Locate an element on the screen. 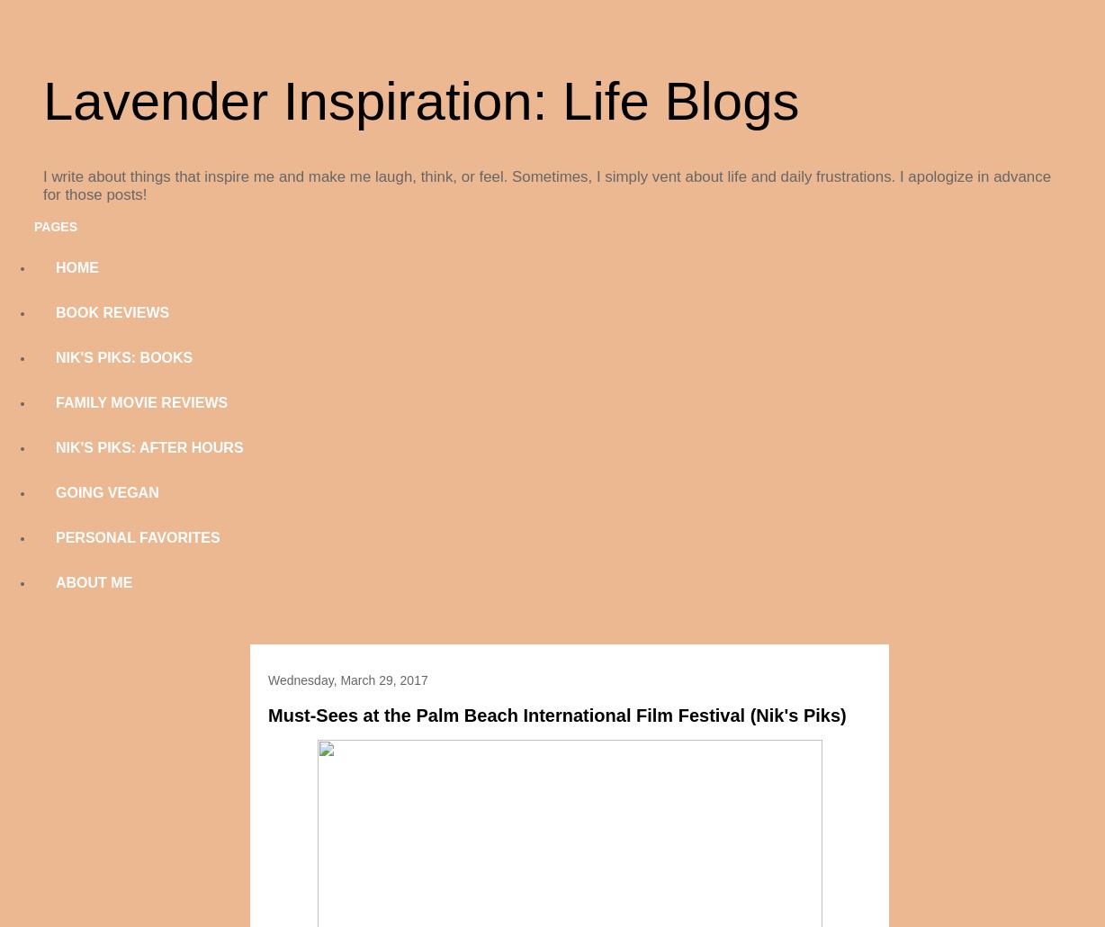 The image size is (1105, 927). 'PERSONAL FAVORITES' is located at coordinates (138, 537).